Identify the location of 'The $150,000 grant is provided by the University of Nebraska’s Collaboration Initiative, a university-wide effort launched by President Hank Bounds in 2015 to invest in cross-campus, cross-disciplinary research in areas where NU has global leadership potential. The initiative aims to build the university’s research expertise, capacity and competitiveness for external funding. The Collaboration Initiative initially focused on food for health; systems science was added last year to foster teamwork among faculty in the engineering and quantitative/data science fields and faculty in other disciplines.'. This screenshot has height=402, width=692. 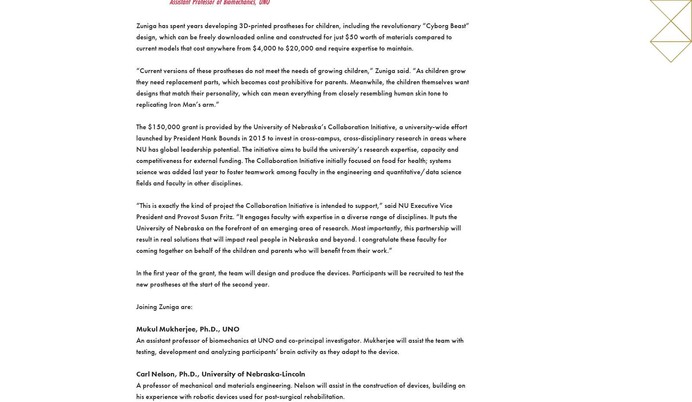
(136, 154).